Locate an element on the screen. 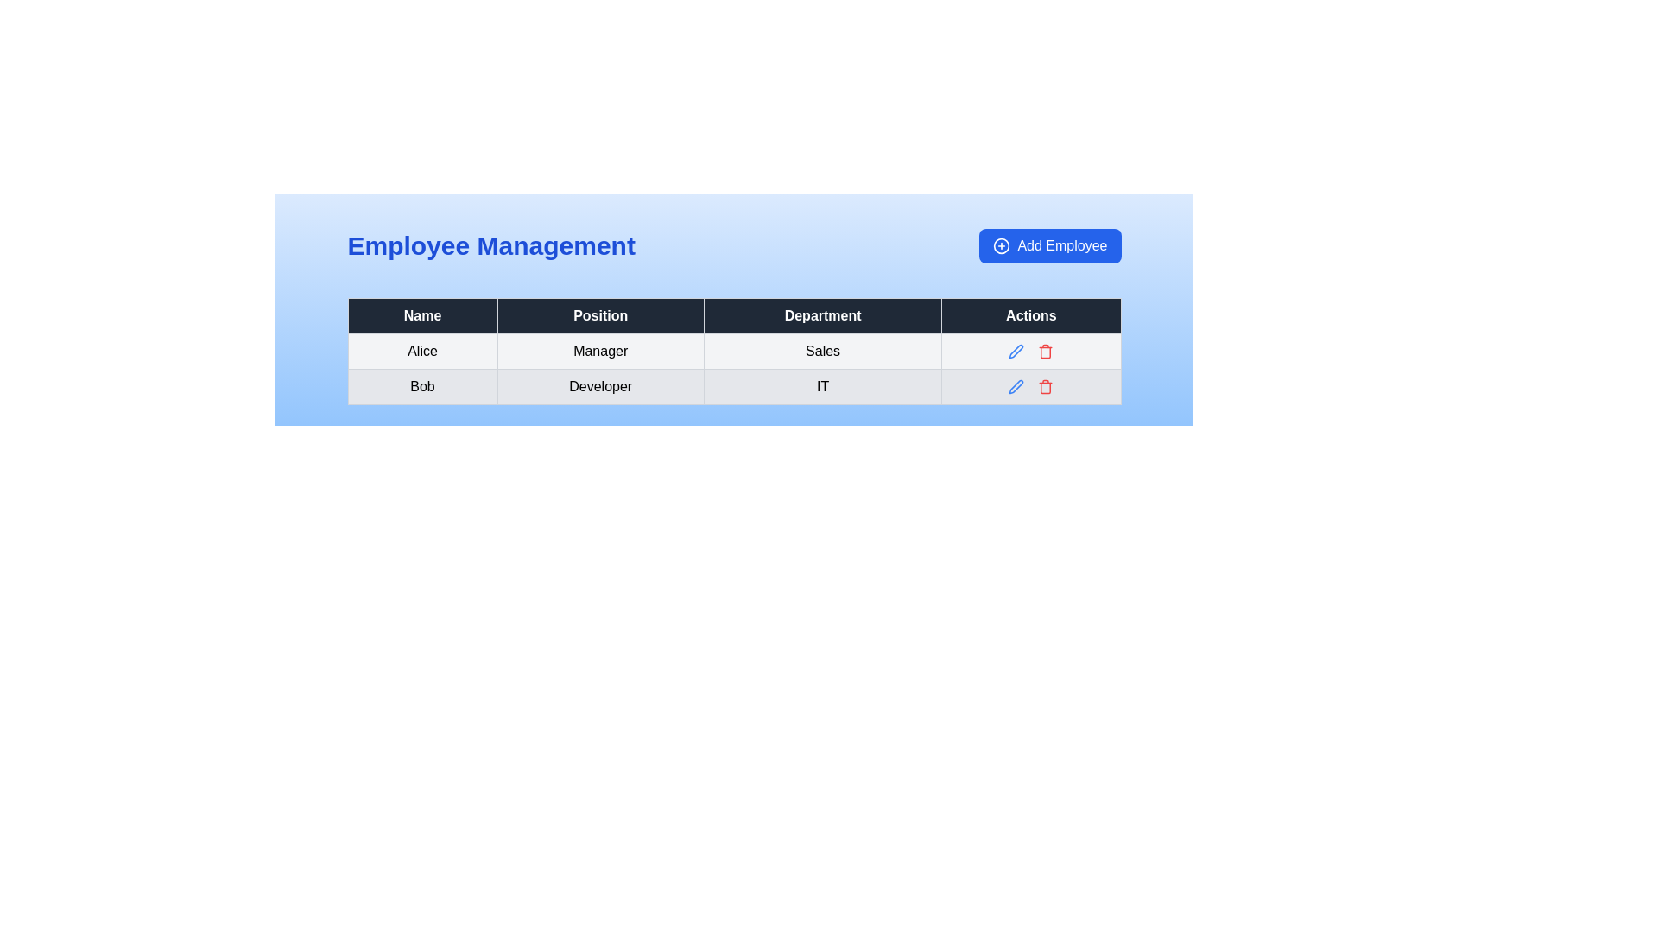 The image size is (1658, 933). to select the second row of the Employee Management table, which contains 'Bob' in the Name column, 'Developer' in the Position column, and 'IT' in the Department column is located at coordinates (734, 385).